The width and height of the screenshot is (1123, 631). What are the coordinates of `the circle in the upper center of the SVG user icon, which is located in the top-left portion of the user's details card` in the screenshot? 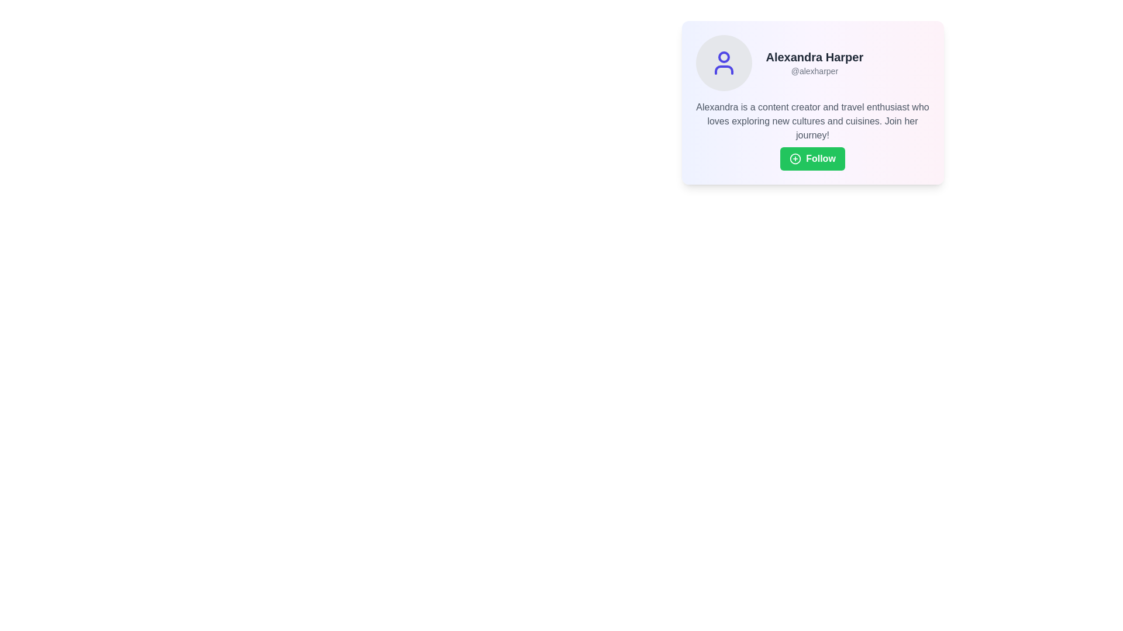 It's located at (723, 57).